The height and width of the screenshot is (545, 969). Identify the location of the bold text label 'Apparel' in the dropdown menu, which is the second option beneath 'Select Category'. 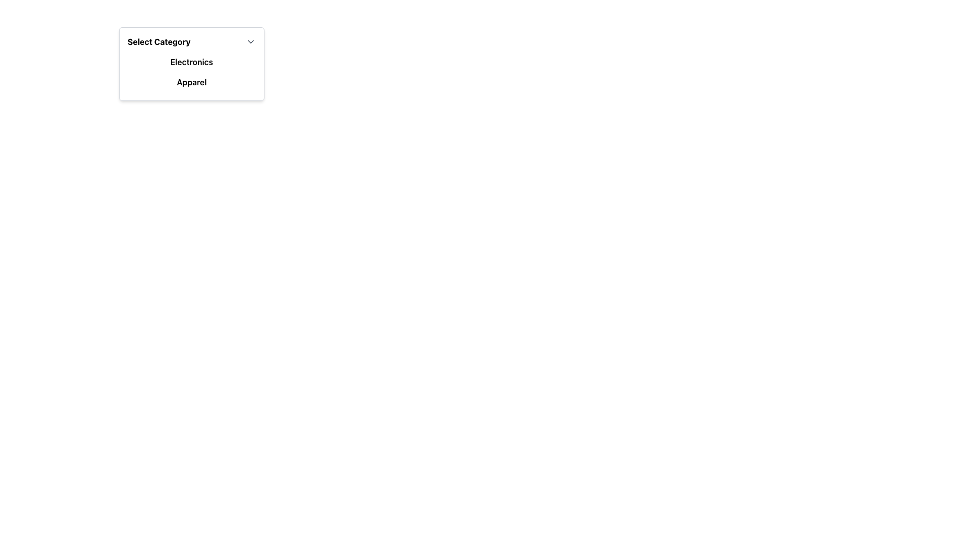
(191, 81).